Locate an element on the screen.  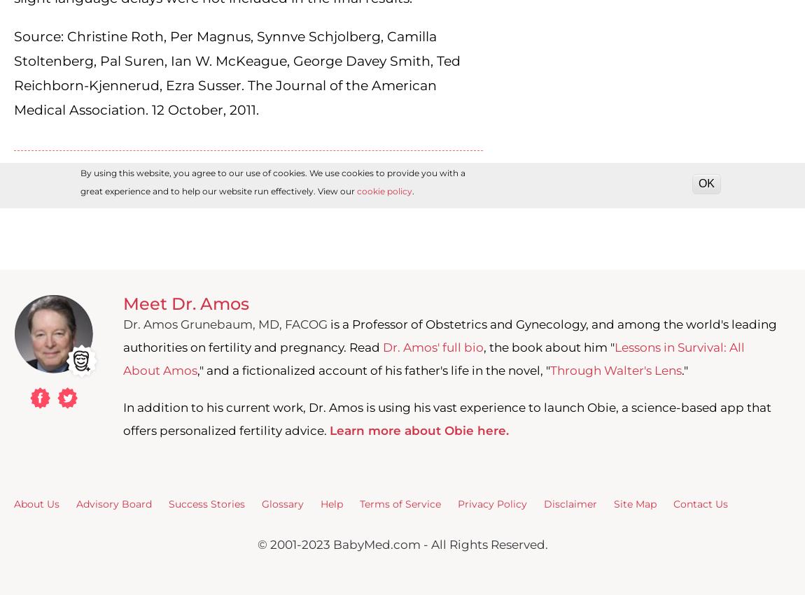
'OK' is located at coordinates (706, 182).